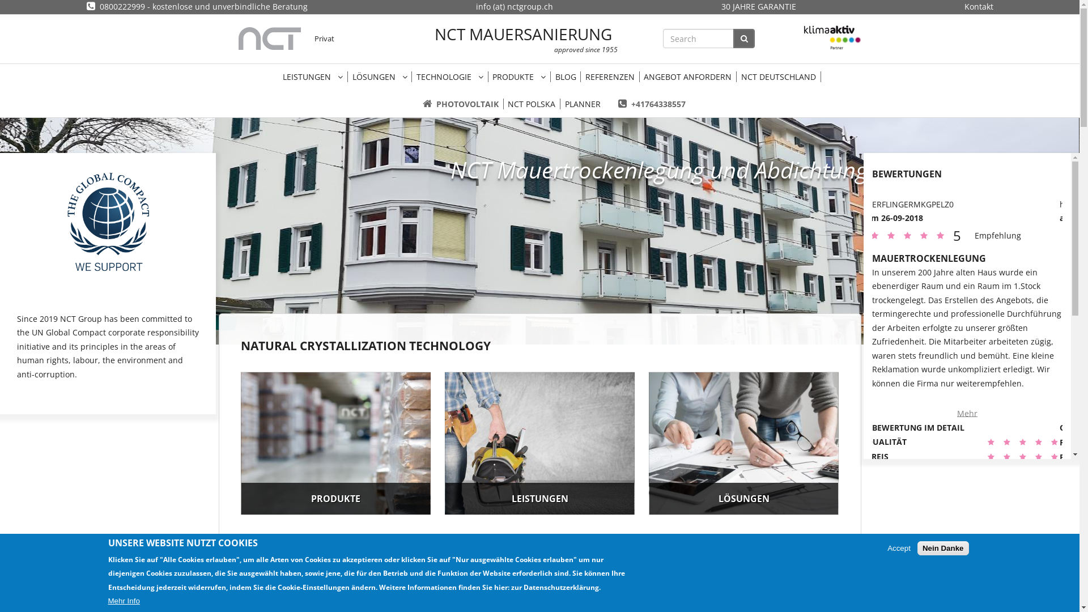  I want to click on 'NCT POLSKA', so click(503, 104).